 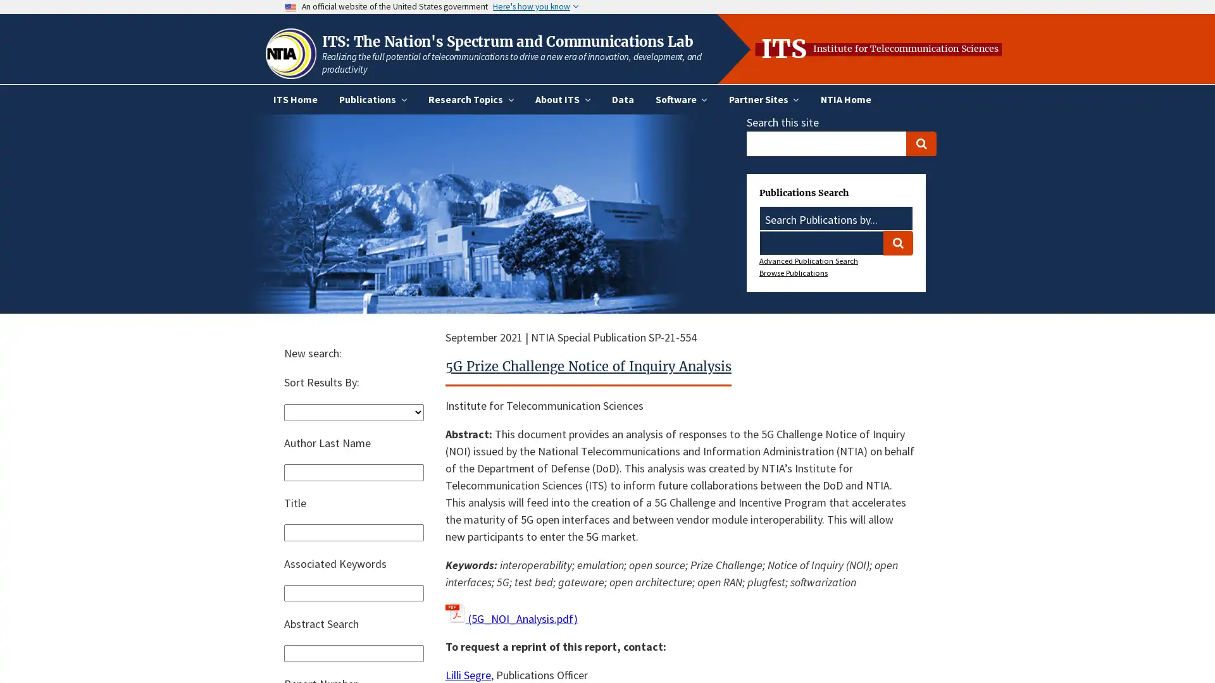 I want to click on Research Topics, so click(x=470, y=99).